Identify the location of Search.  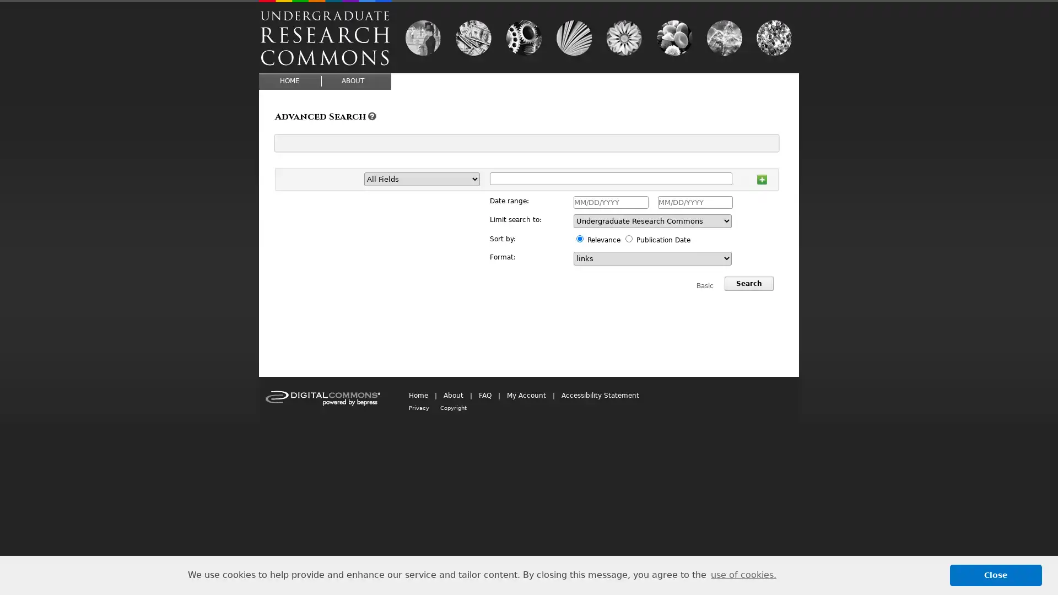
(748, 283).